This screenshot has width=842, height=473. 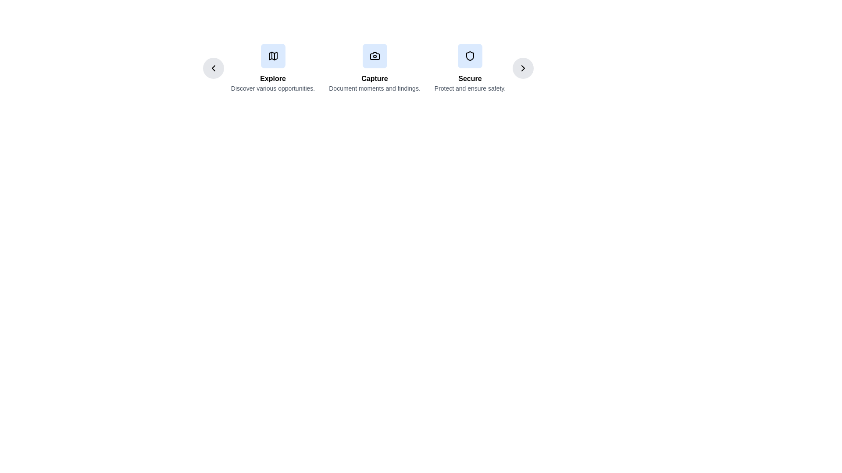 What do you see at coordinates (272, 79) in the screenshot?
I see `Text Label located in the second content block, positioned beneath a map icon and above the descriptive text 'Discover various opportunities.'` at bounding box center [272, 79].